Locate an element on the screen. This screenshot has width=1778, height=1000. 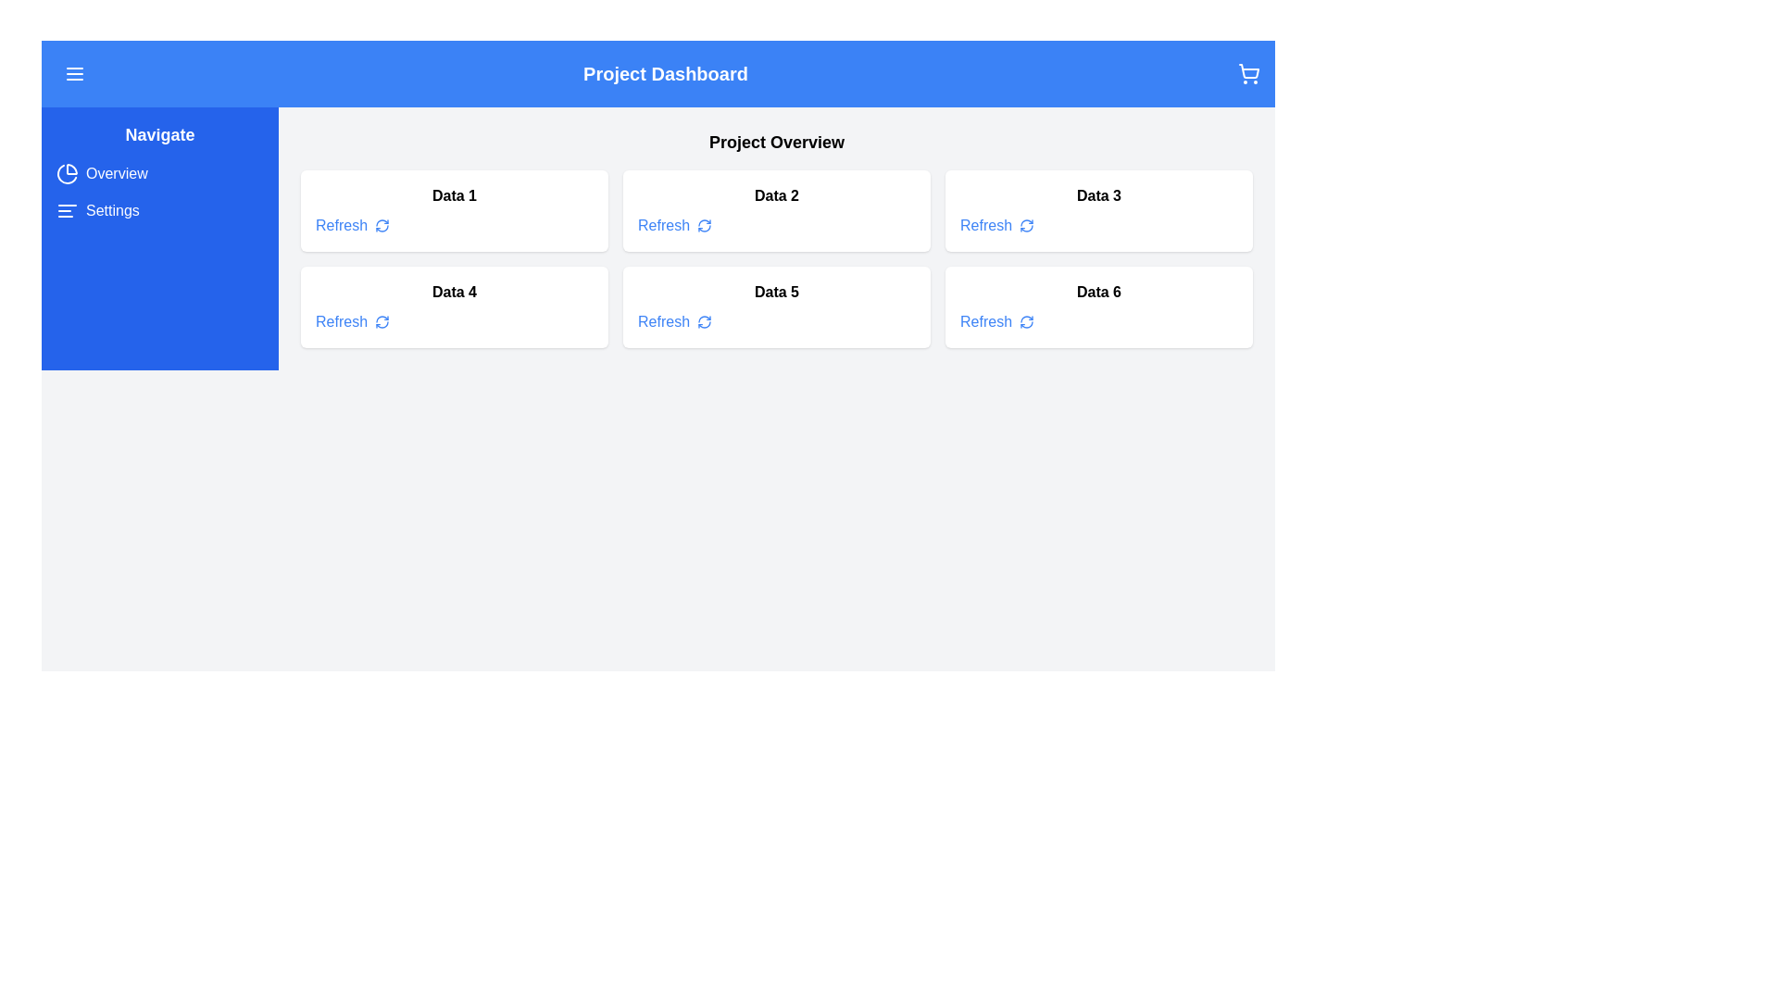
the 'Navigate' header text element, which is styled with a larger font size and bold weight, located at the top of a blue sidebar is located at coordinates (159, 134).